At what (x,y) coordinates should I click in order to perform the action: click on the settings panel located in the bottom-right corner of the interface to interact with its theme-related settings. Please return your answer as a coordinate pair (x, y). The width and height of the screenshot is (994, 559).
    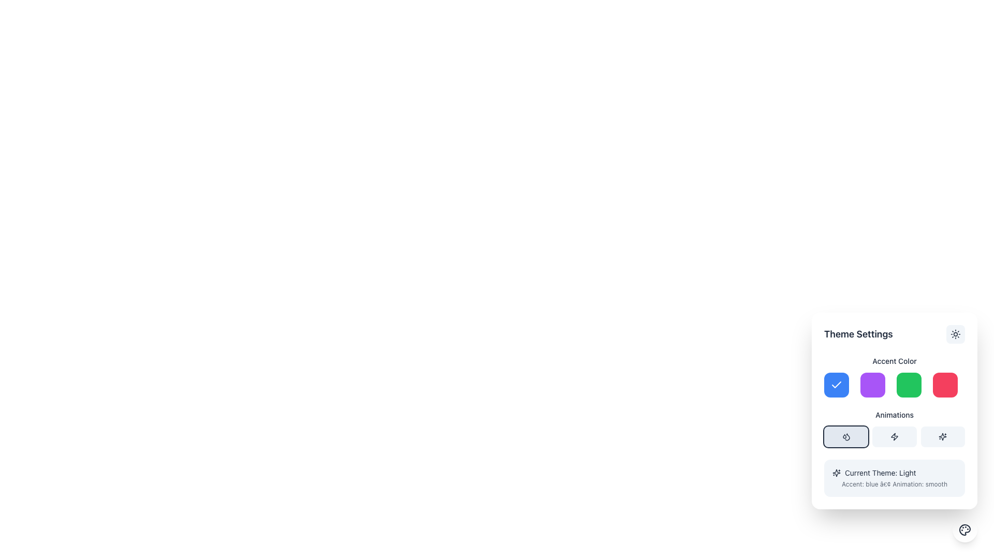
    Looking at the image, I should click on (894, 410).